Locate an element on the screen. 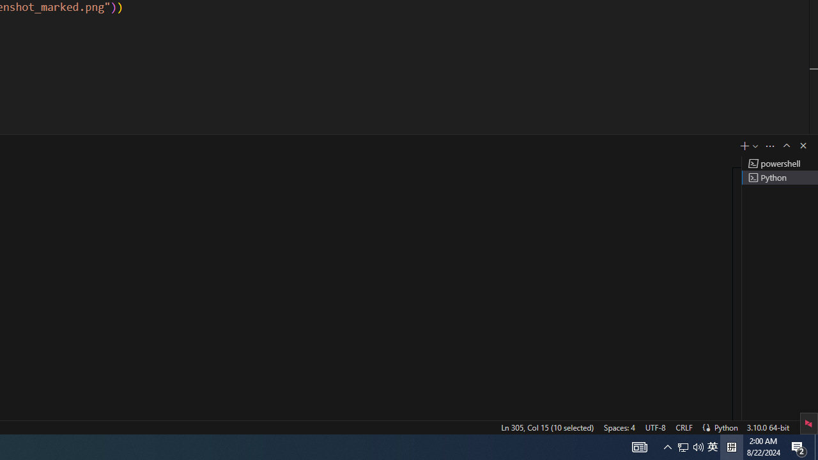 This screenshot has width=818, height=460. 'Terminal 1 powershell' is located at coordinates (779, 162).